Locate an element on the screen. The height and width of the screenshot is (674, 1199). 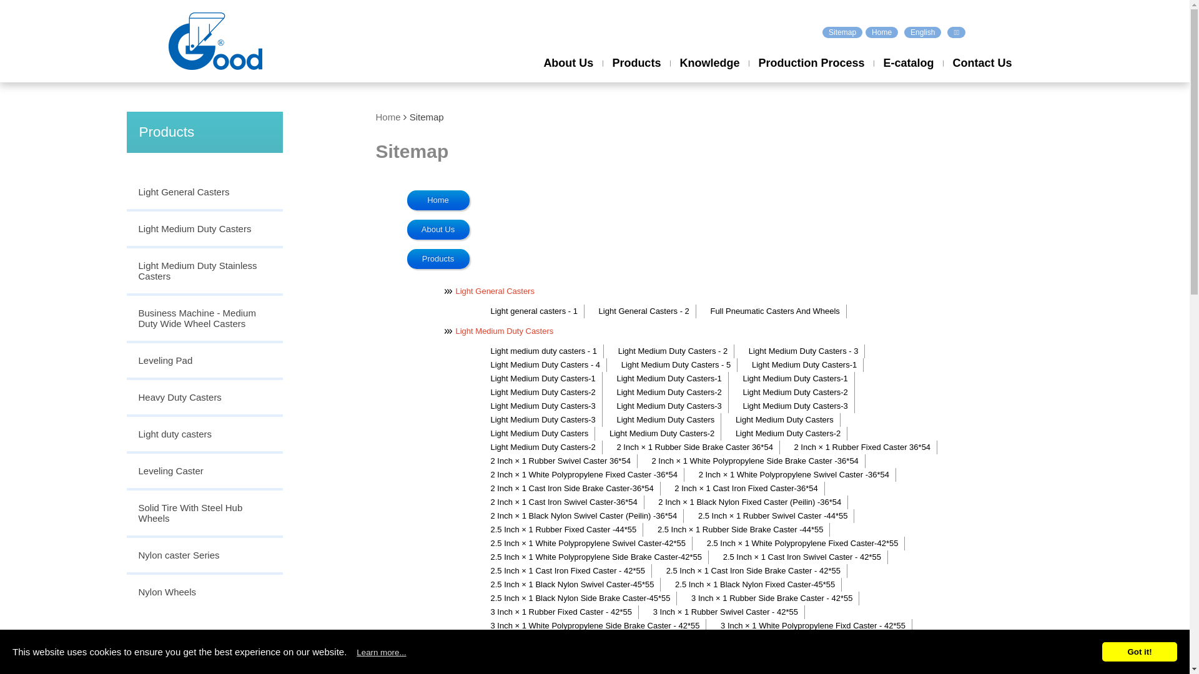
'Light Medium Duty Casters - 2' is located at coordinates (609, 351).